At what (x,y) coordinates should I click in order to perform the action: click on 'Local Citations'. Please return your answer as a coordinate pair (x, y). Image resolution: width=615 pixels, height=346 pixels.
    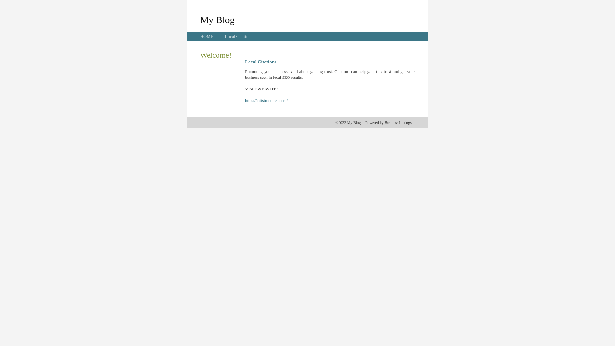
    Looking at the image, I should click on (225, 37).